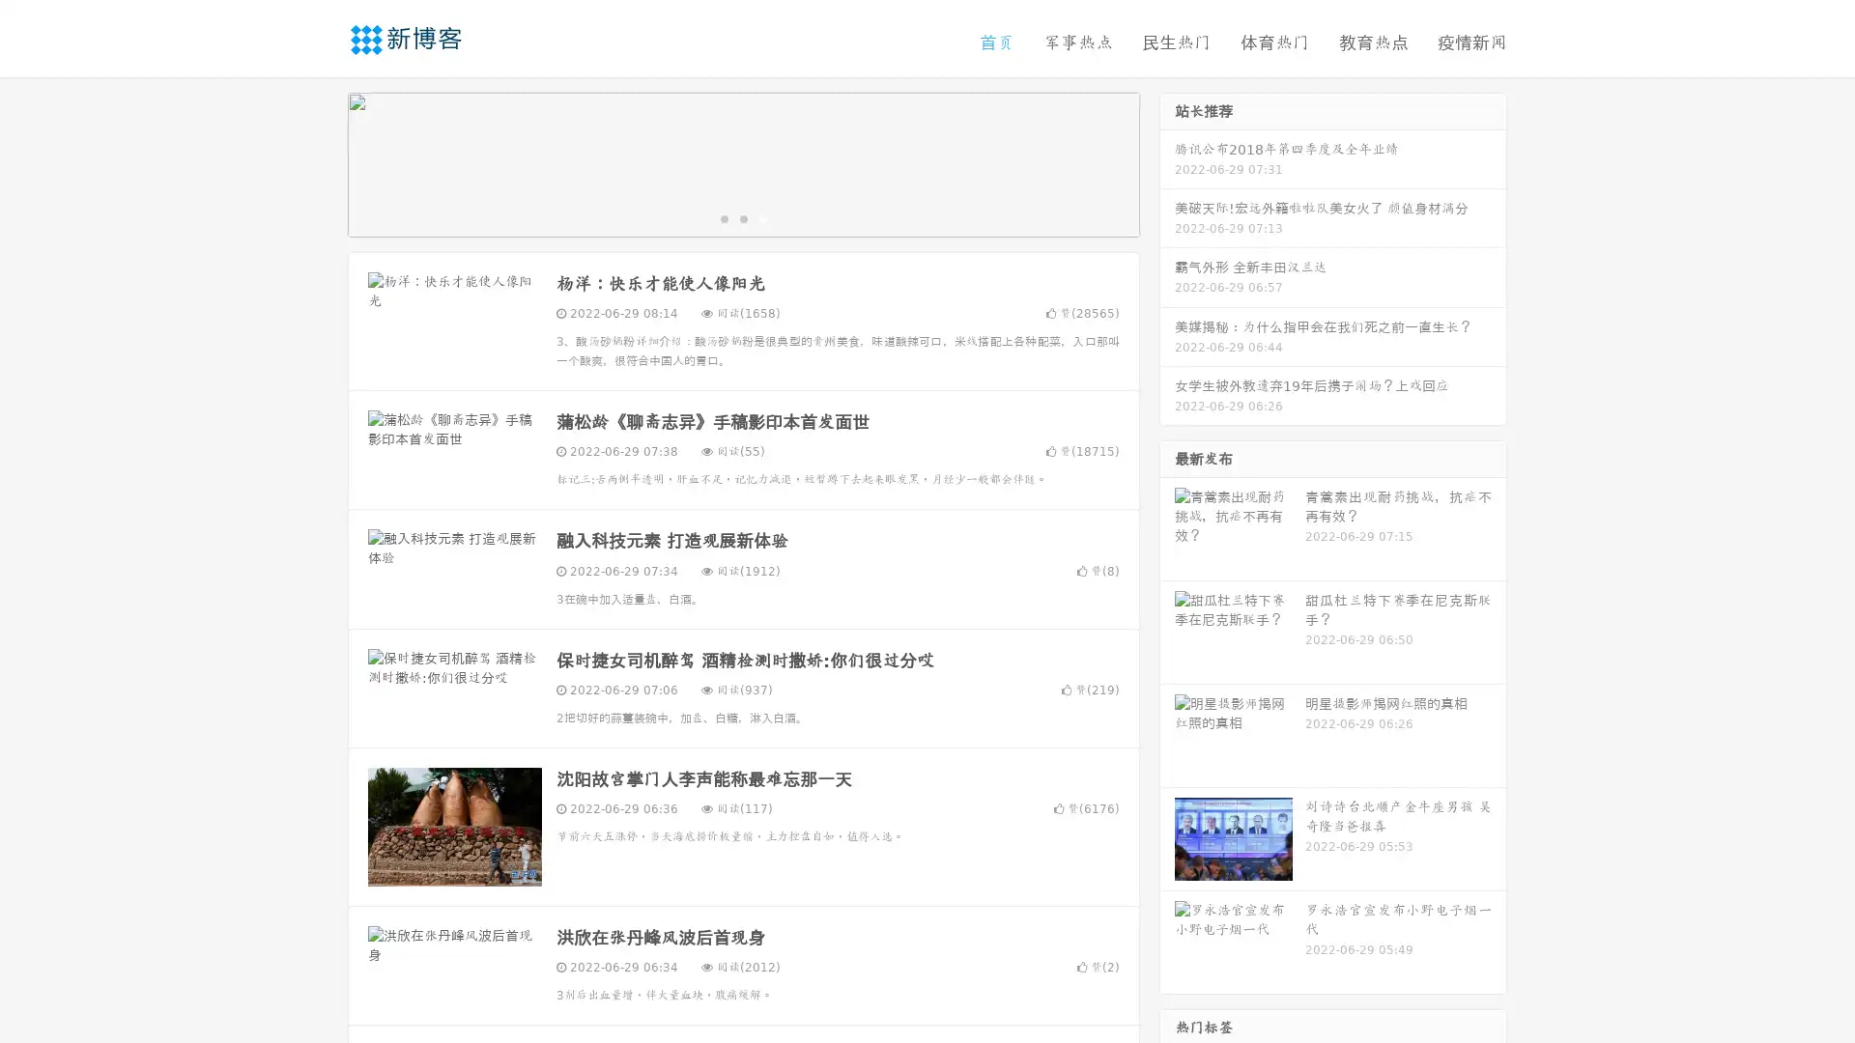 The image size is (1855, 1043). Describe the element at coordinates (1167, 162) in the screenshot. I see `Next slide` at that location.